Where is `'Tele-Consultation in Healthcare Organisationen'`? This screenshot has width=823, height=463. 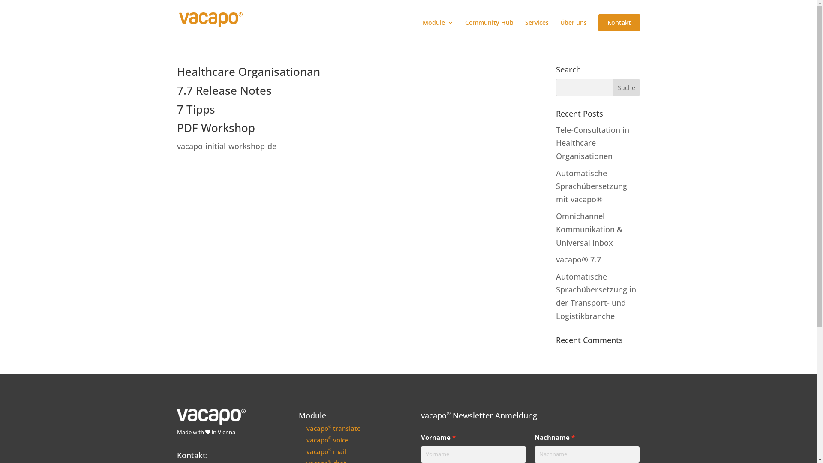
'Tele-Consultation in Healthcare Organisationen' is located at coordinates (592, 142).